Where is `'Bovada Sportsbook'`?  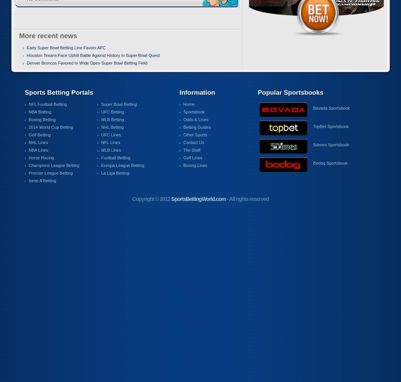 'Bovada Sportsbook' is located at coordinates (331, 108).